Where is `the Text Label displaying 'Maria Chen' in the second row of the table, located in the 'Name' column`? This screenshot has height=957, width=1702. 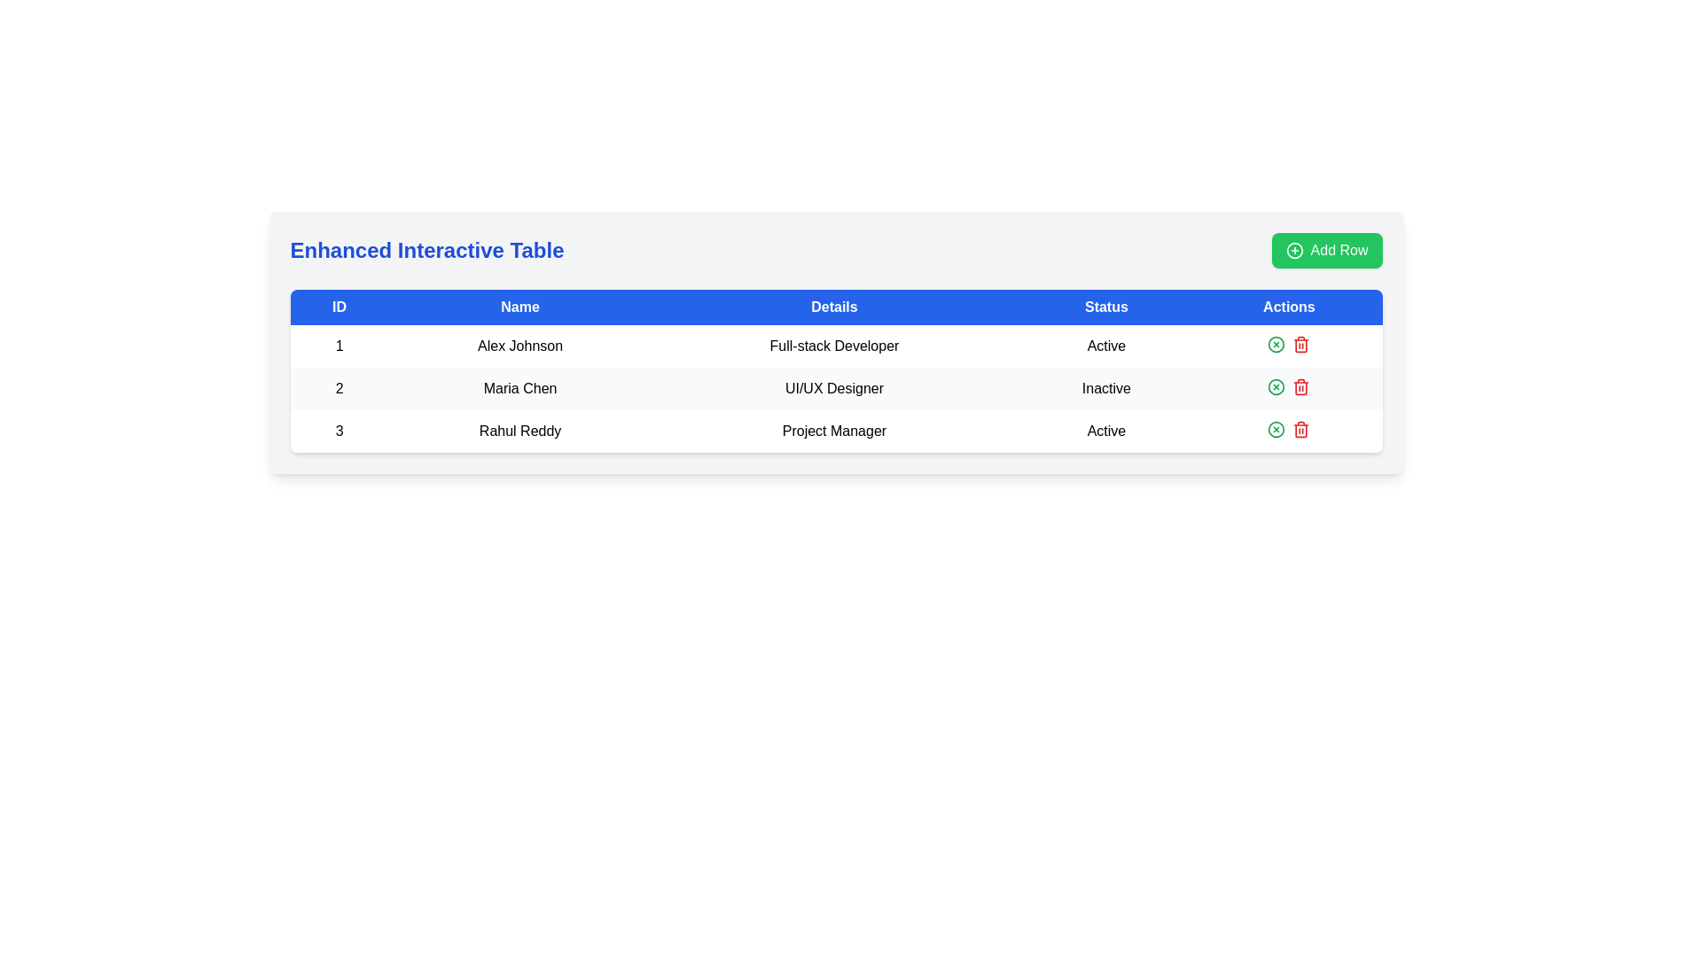 the Text Label displaying 'Maria Chen' in the second row of the table, located in the 'Name' column is located at coordinates (519, 388).